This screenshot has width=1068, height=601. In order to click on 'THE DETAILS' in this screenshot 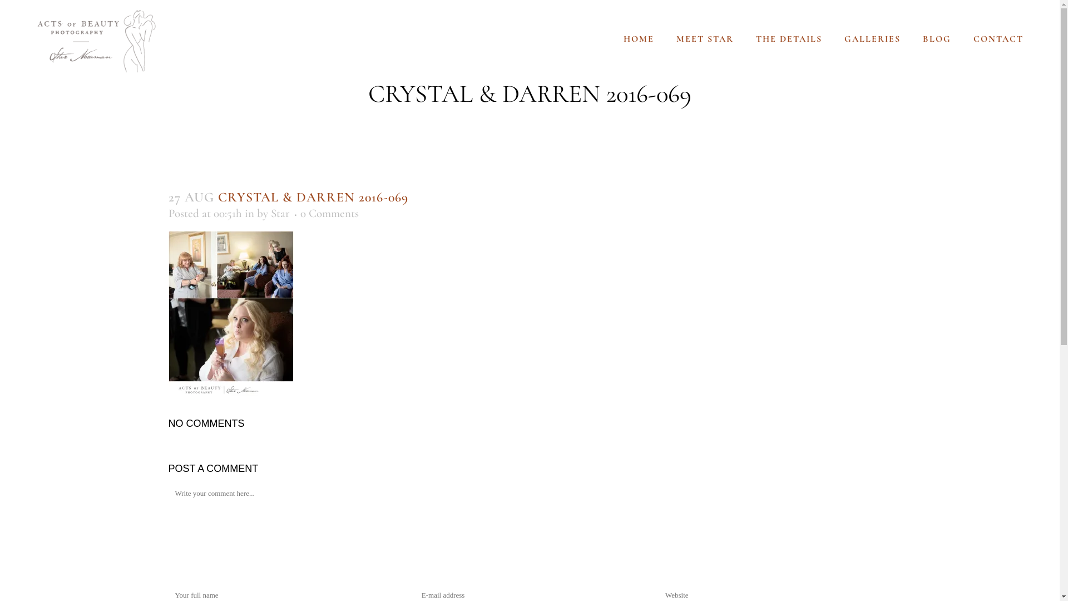, I will do `click(745, 38)`.